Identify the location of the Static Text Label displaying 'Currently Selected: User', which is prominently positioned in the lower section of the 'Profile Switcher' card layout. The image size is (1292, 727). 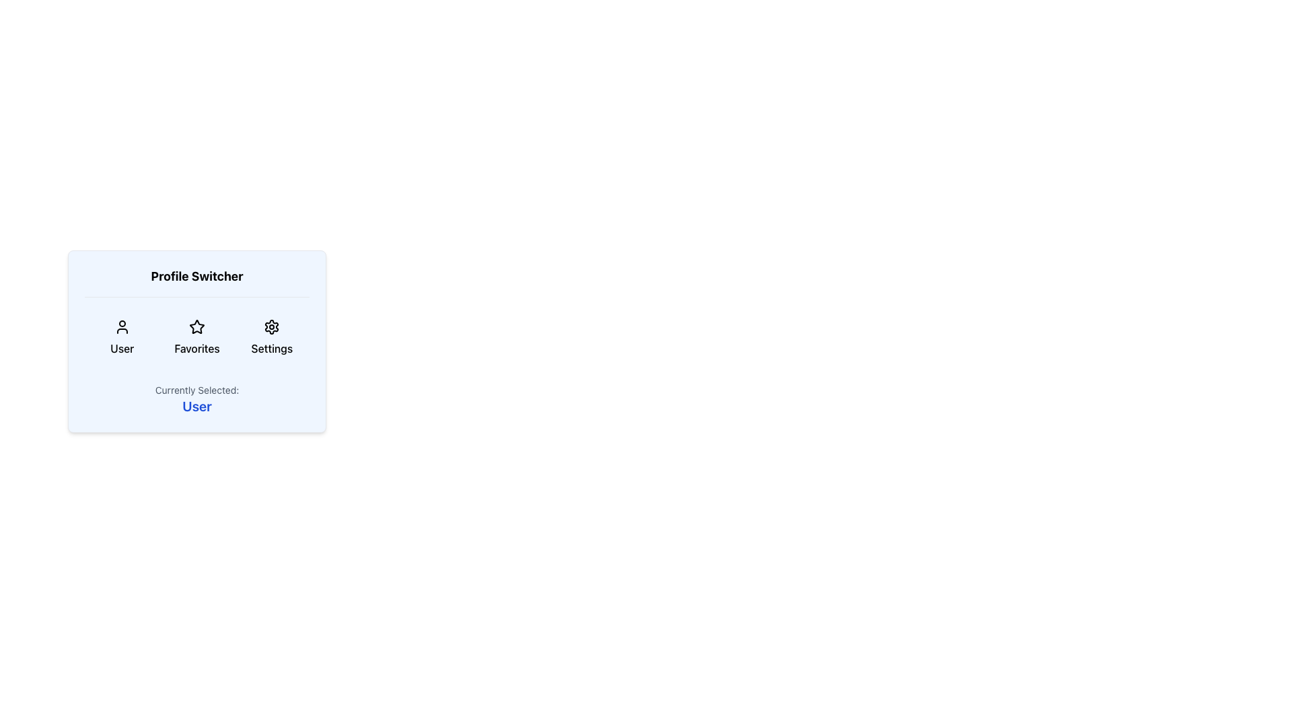
(196, 399).